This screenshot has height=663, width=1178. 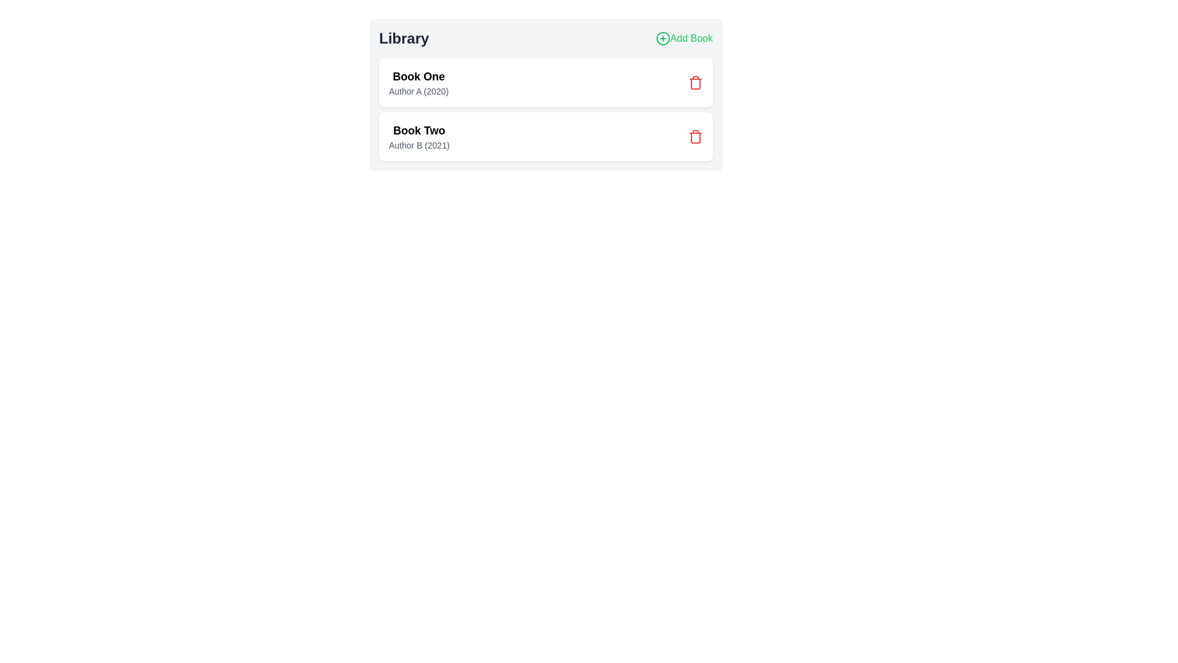 What do you see at coordinates (695, 83) in the screenshot?
I see `the delete icon button located at the far right of the row for the book entry 'Book One Author A (2020)'` at bounding box center [695, 83].